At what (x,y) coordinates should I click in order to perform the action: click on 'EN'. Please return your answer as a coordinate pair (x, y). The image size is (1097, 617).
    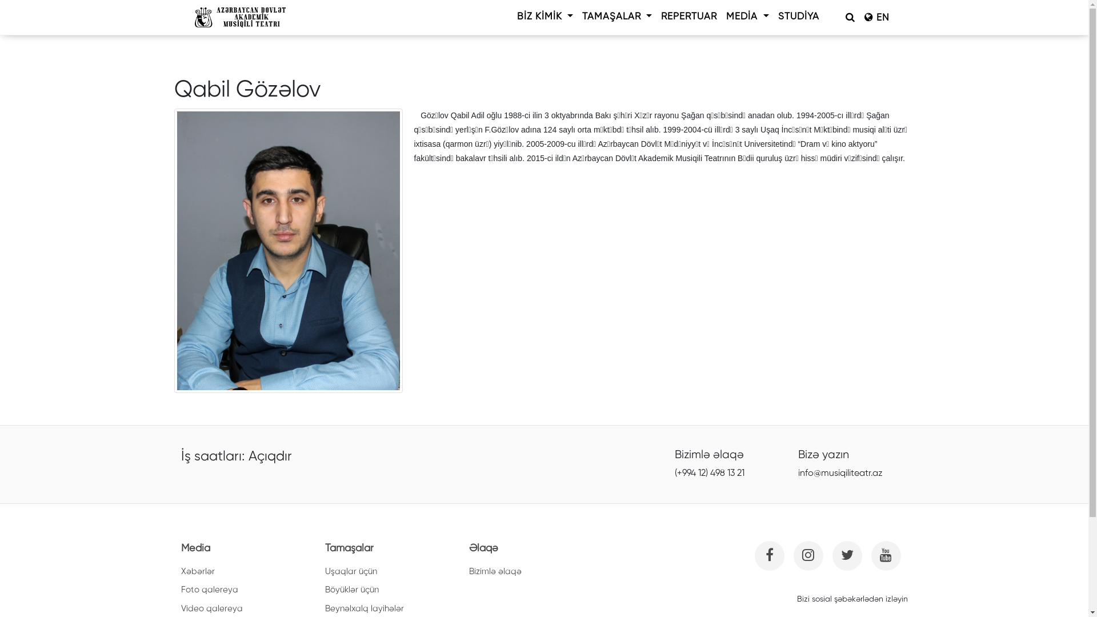
    Looking at the image, I should click on (876, 17).